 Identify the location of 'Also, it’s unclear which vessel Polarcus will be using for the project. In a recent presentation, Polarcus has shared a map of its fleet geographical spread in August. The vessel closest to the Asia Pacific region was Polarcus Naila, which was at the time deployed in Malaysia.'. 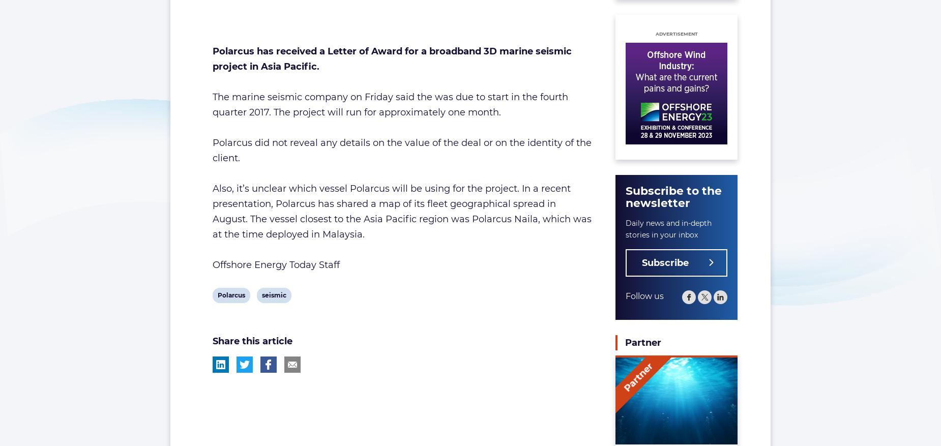
(401, 211).